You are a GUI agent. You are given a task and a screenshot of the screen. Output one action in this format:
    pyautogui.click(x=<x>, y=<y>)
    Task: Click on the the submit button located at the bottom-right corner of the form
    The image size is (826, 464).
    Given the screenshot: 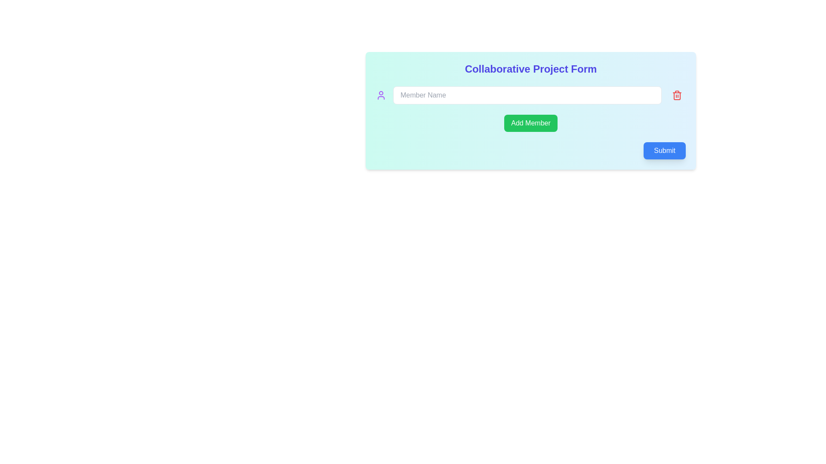 What is the action you would take?
    pyautogui.click(x=664, y=150)
    